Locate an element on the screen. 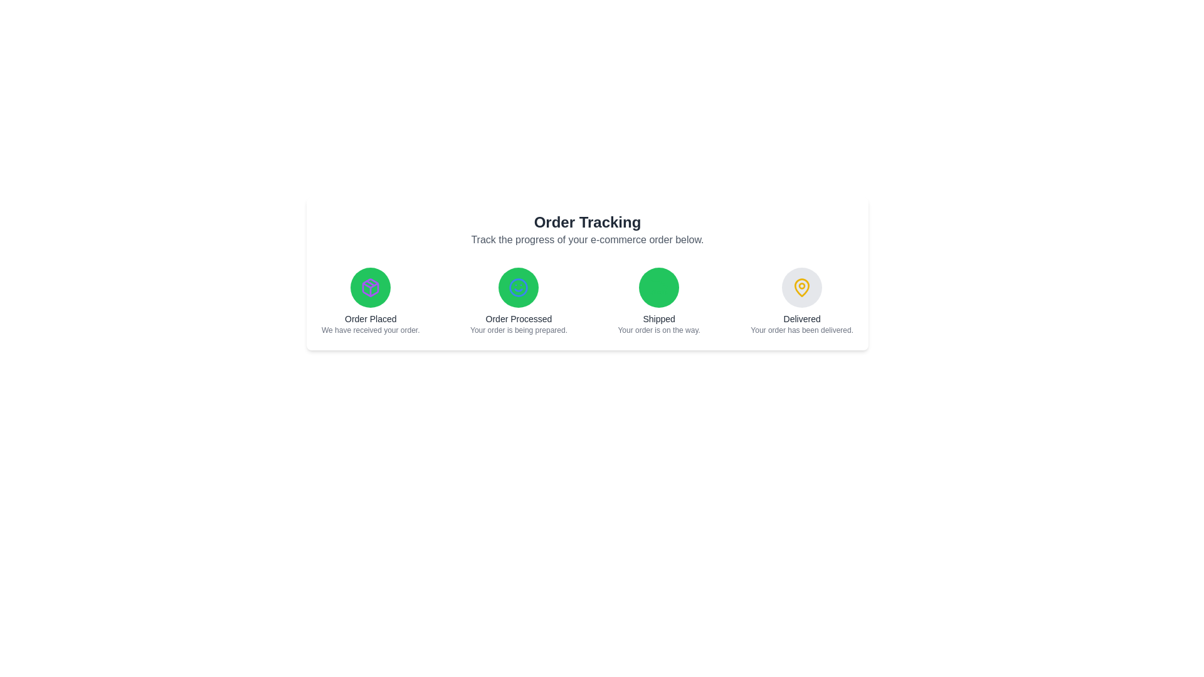 The image size is (1204, 677). the informational text block that describes the purpose of the order tracking section, located below the 'Order Tracking' title is located at coordinates (586, 239).